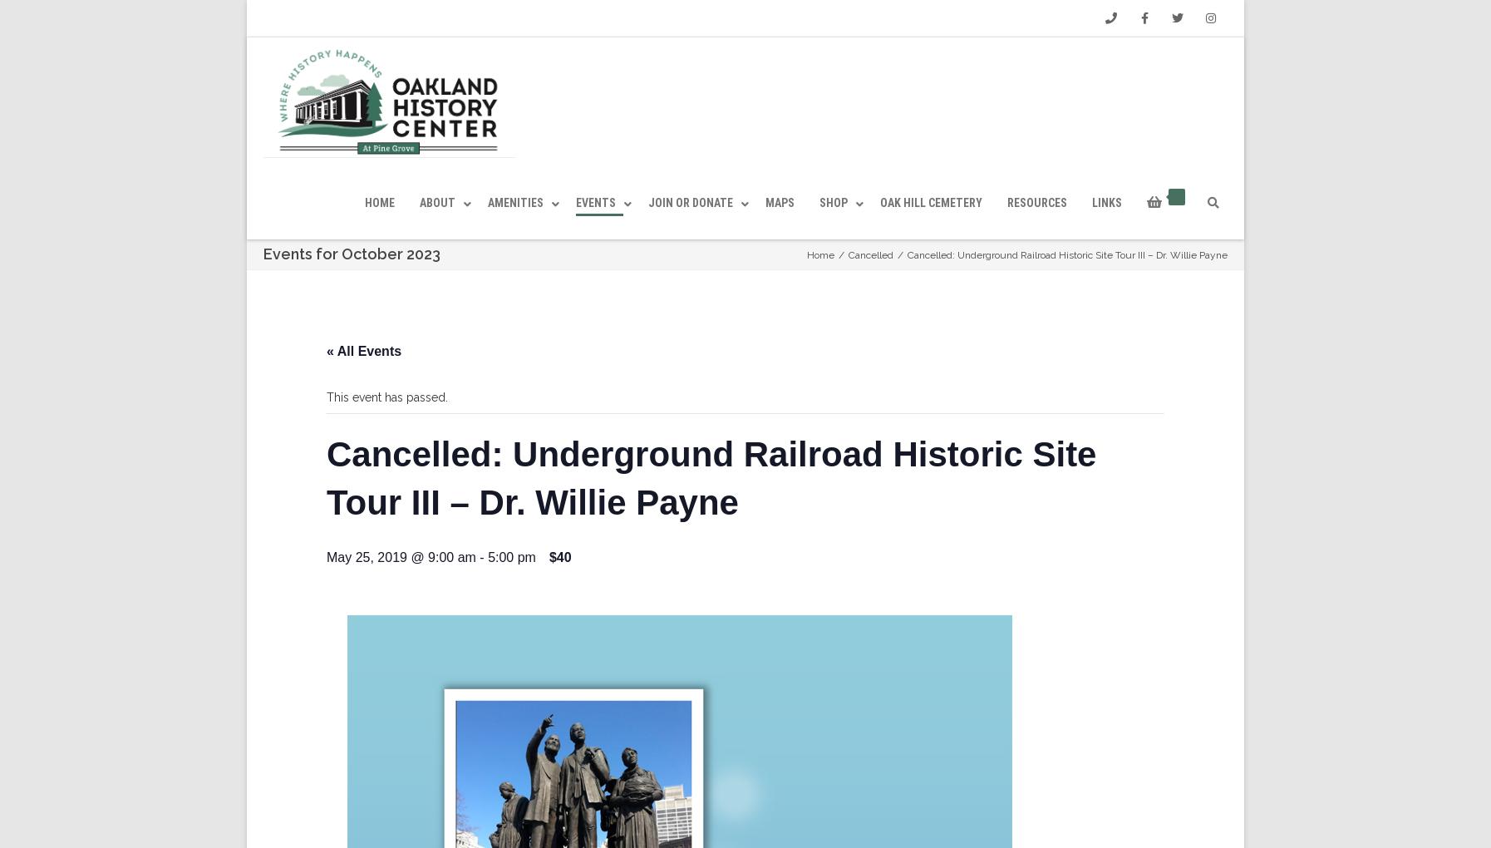 The width and height of the screenshot is (1491, 848). I want to click on 'May 25, 2019 @ 9:00 am', so click(326, 594).